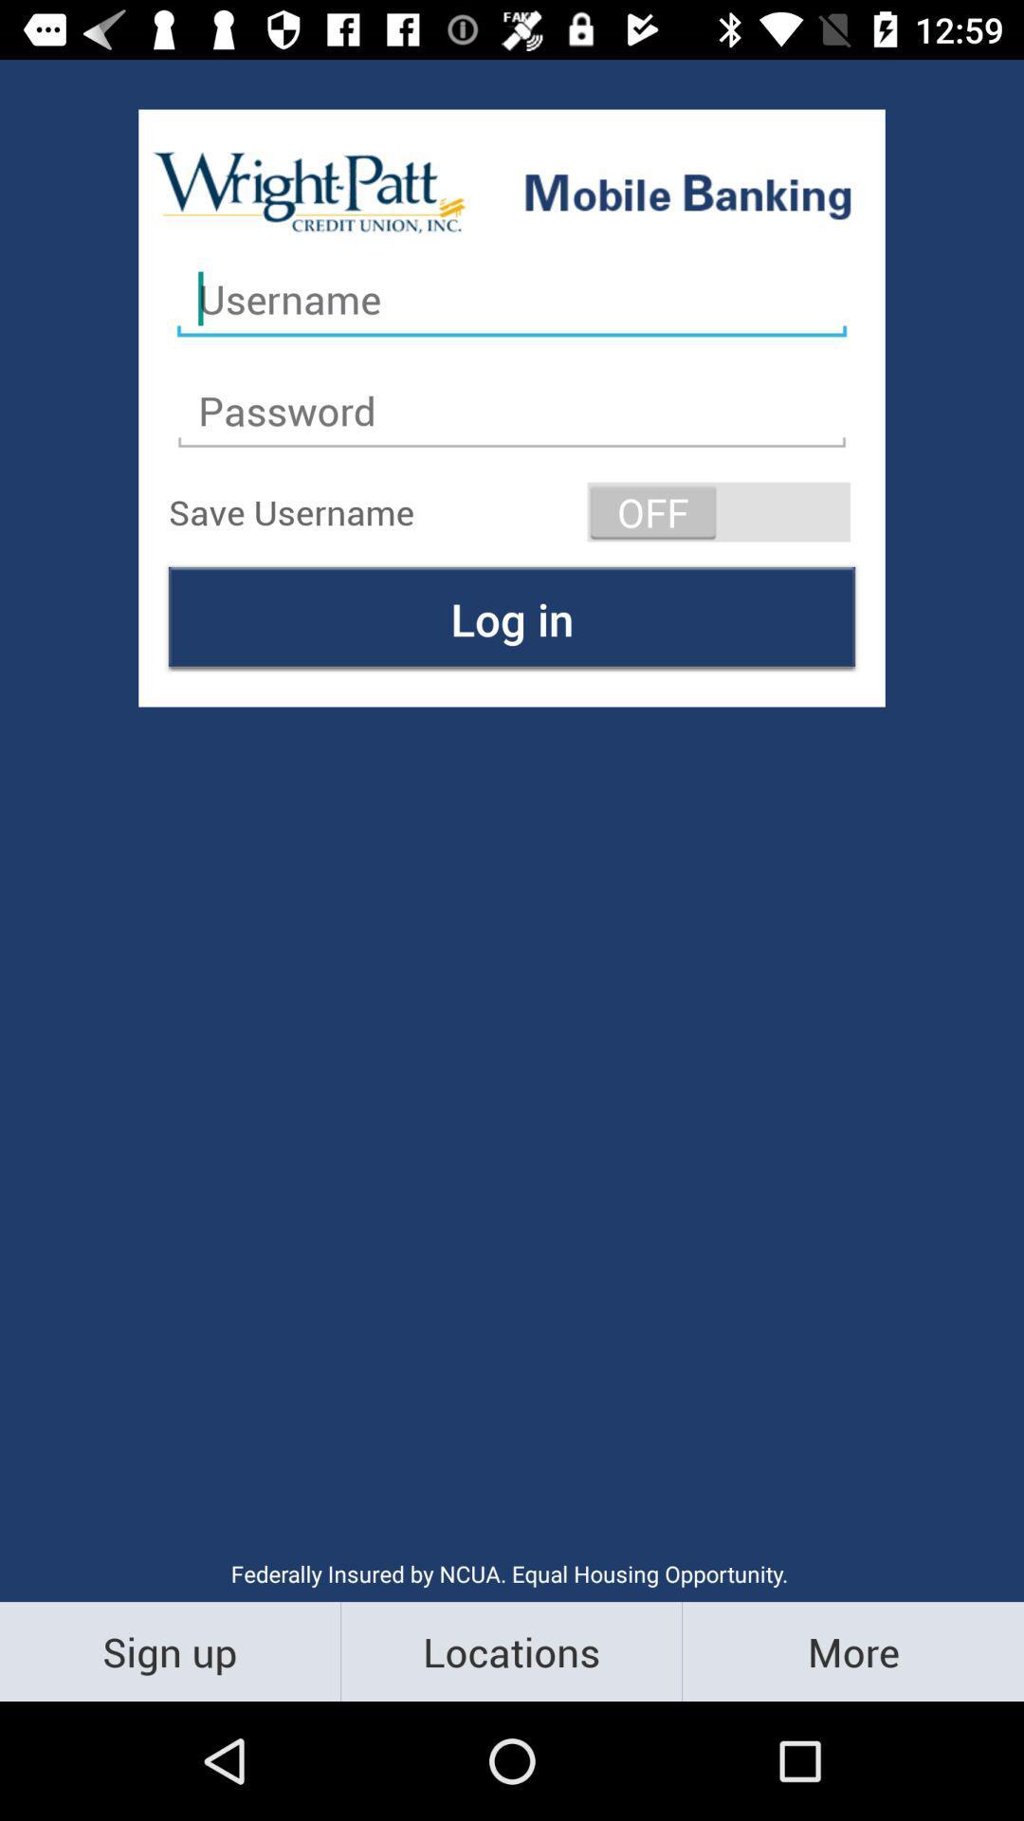 This screenshot has height=1821, width=1024. Describe the element at coordinates (510, 1650) in the screenshot. I see `locations icon` at that location.